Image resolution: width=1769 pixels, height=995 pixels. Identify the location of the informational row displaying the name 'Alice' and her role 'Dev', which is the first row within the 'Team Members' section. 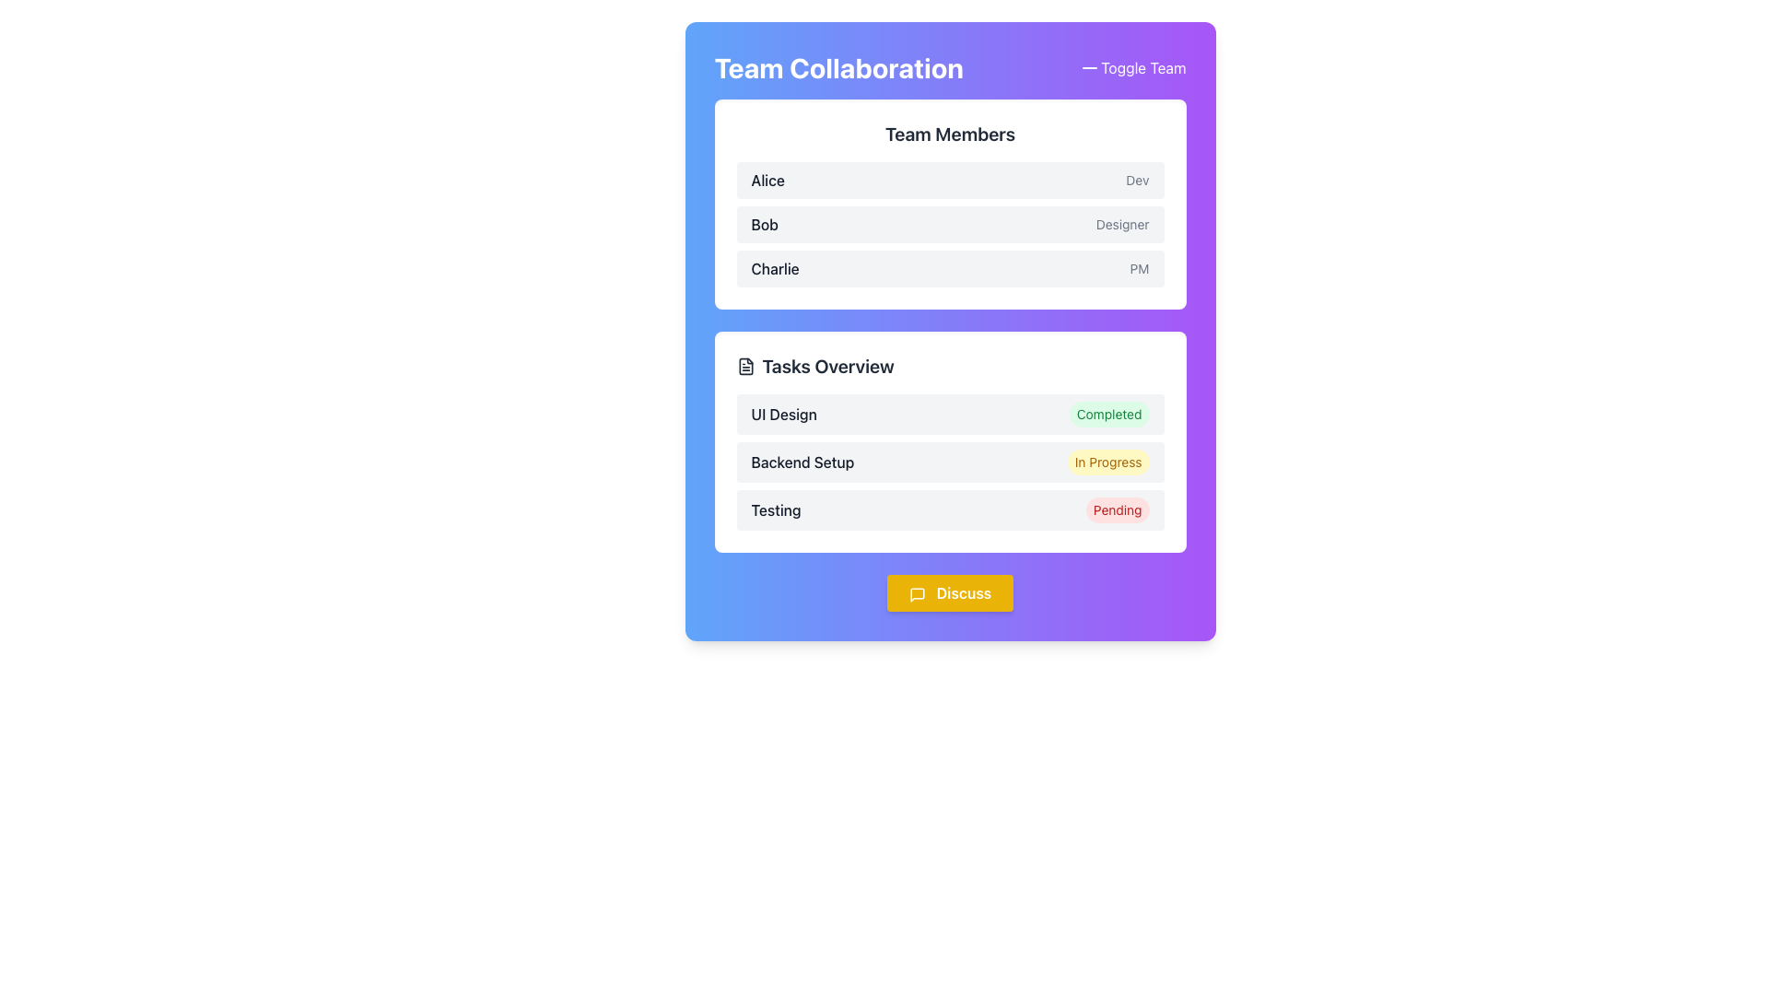
(950, 181).